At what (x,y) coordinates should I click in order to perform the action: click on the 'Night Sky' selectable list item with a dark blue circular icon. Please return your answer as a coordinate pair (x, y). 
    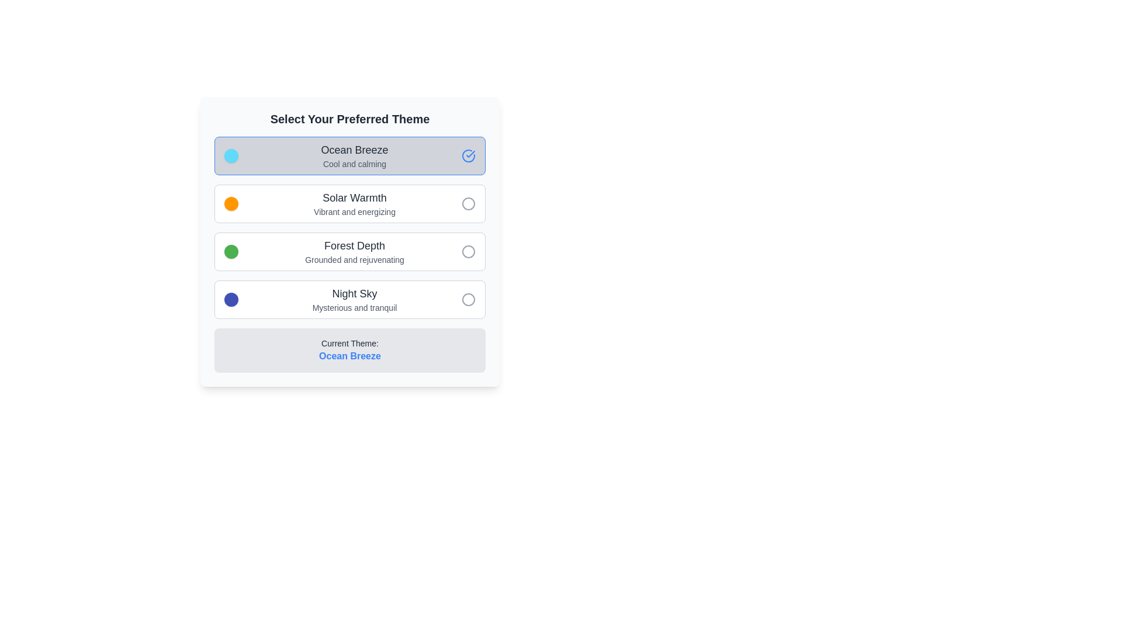
    Looking at the image, I should click on (349, 299).